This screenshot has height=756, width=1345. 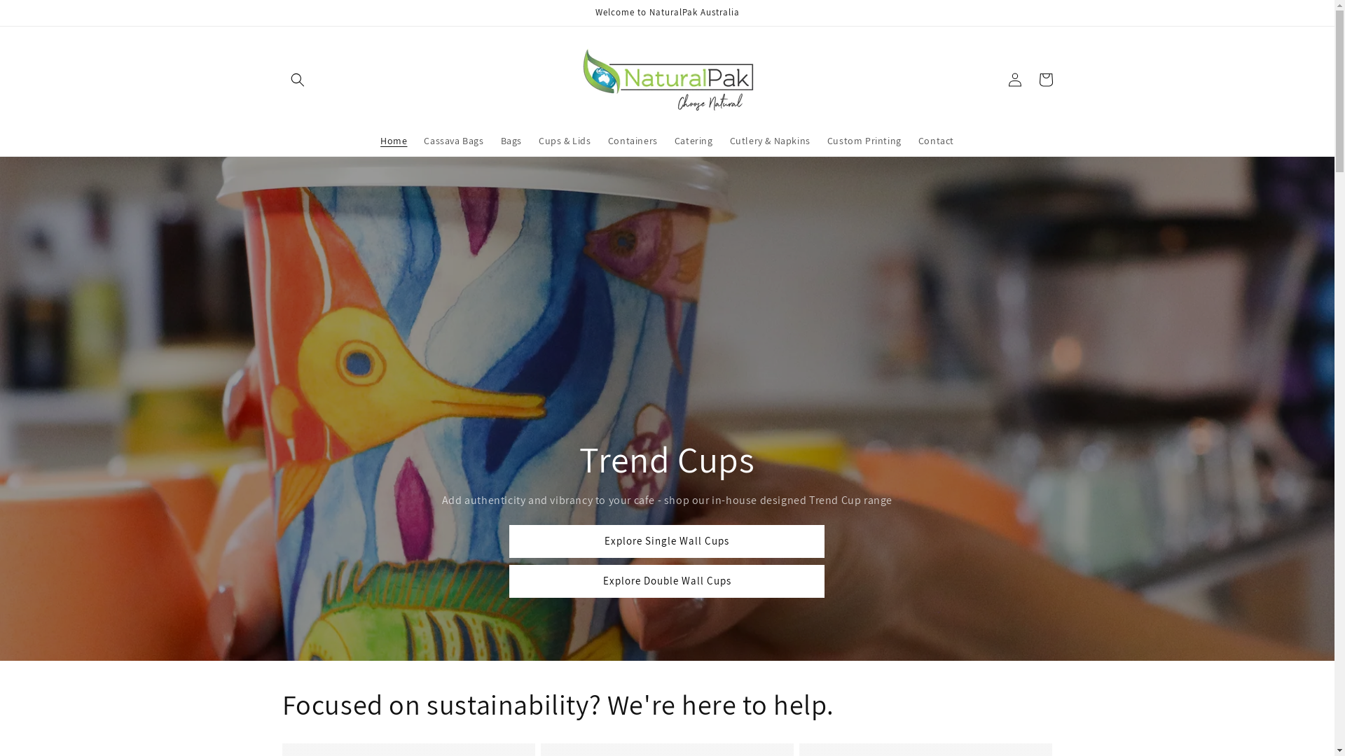 What do you see at coordinates (1014, 80) in the screenshot?
I see `'Log in'` at bounding box center [1014, 80].